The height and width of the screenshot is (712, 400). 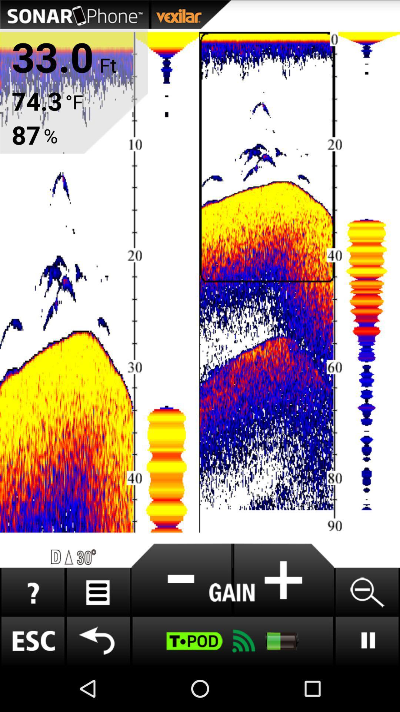 What do you see at coordinates (182, 580) in the screenshot?
I see `the symbol` at bounding box center [182, 580].